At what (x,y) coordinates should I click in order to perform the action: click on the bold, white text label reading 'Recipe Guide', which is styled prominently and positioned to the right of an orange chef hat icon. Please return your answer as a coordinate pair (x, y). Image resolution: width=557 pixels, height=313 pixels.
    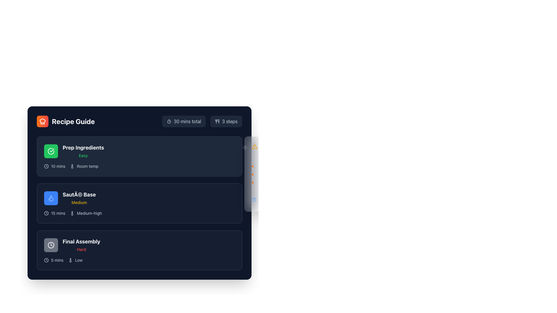
    Looking at the image, I should click on (73, 121).